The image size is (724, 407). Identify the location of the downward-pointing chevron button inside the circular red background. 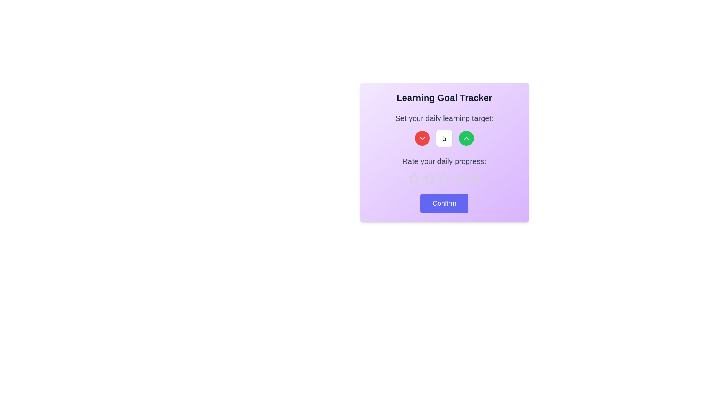
(422, 138).